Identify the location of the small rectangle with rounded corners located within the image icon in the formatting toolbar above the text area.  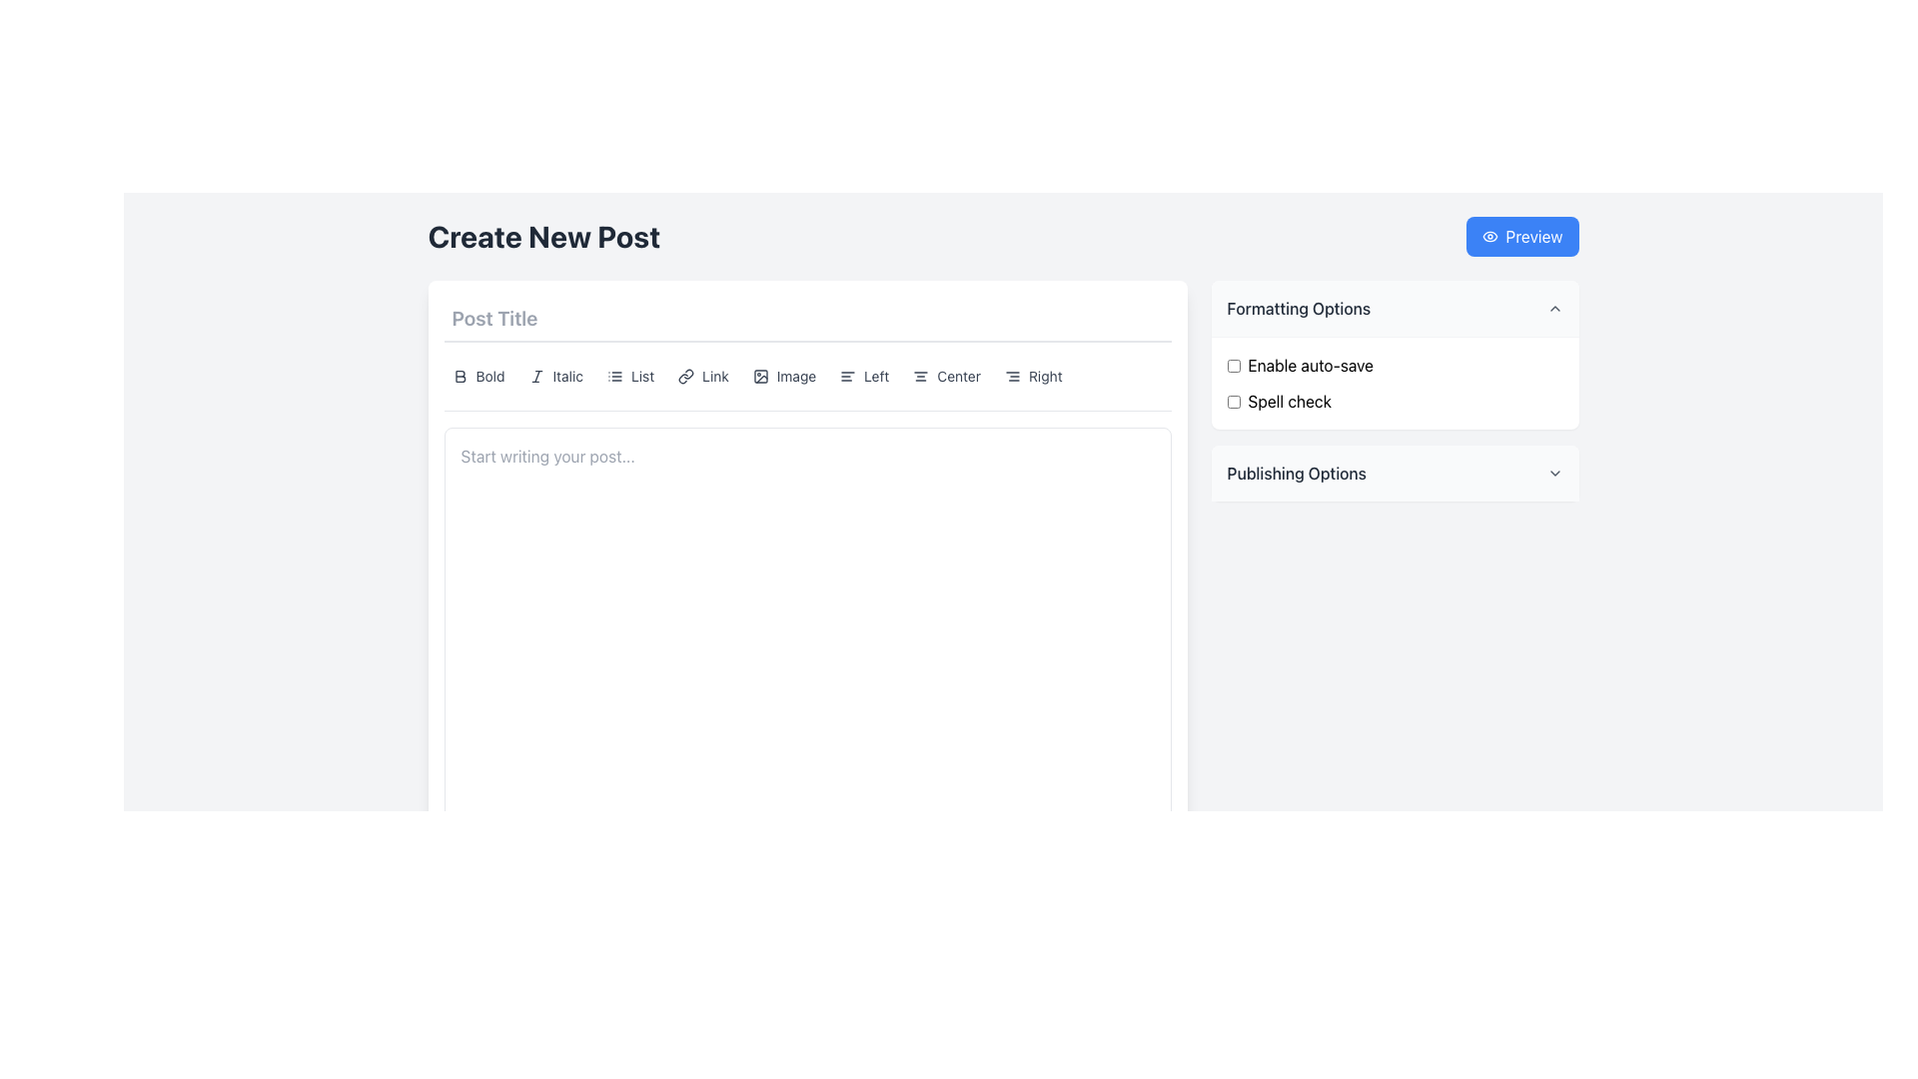
(759, 377).